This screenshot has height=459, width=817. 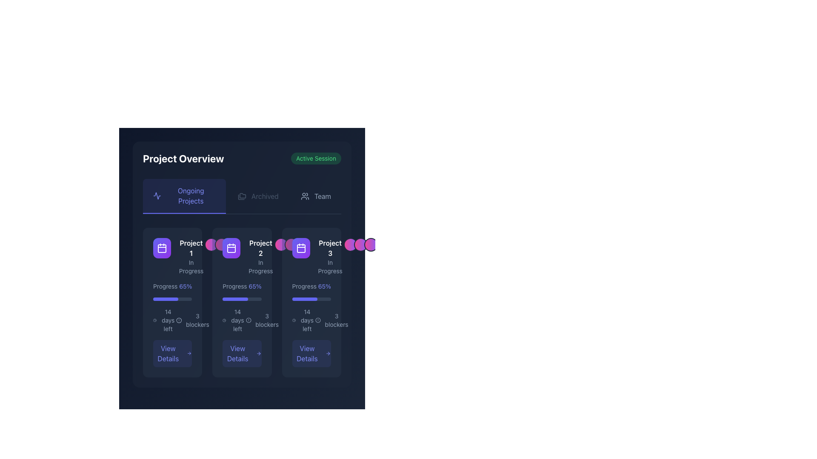 I want to click on textual content displaying '14 days left 3 blockers' from the text with icons located at the bottom region of the first card in the middle row, so click(x=172, y=320).